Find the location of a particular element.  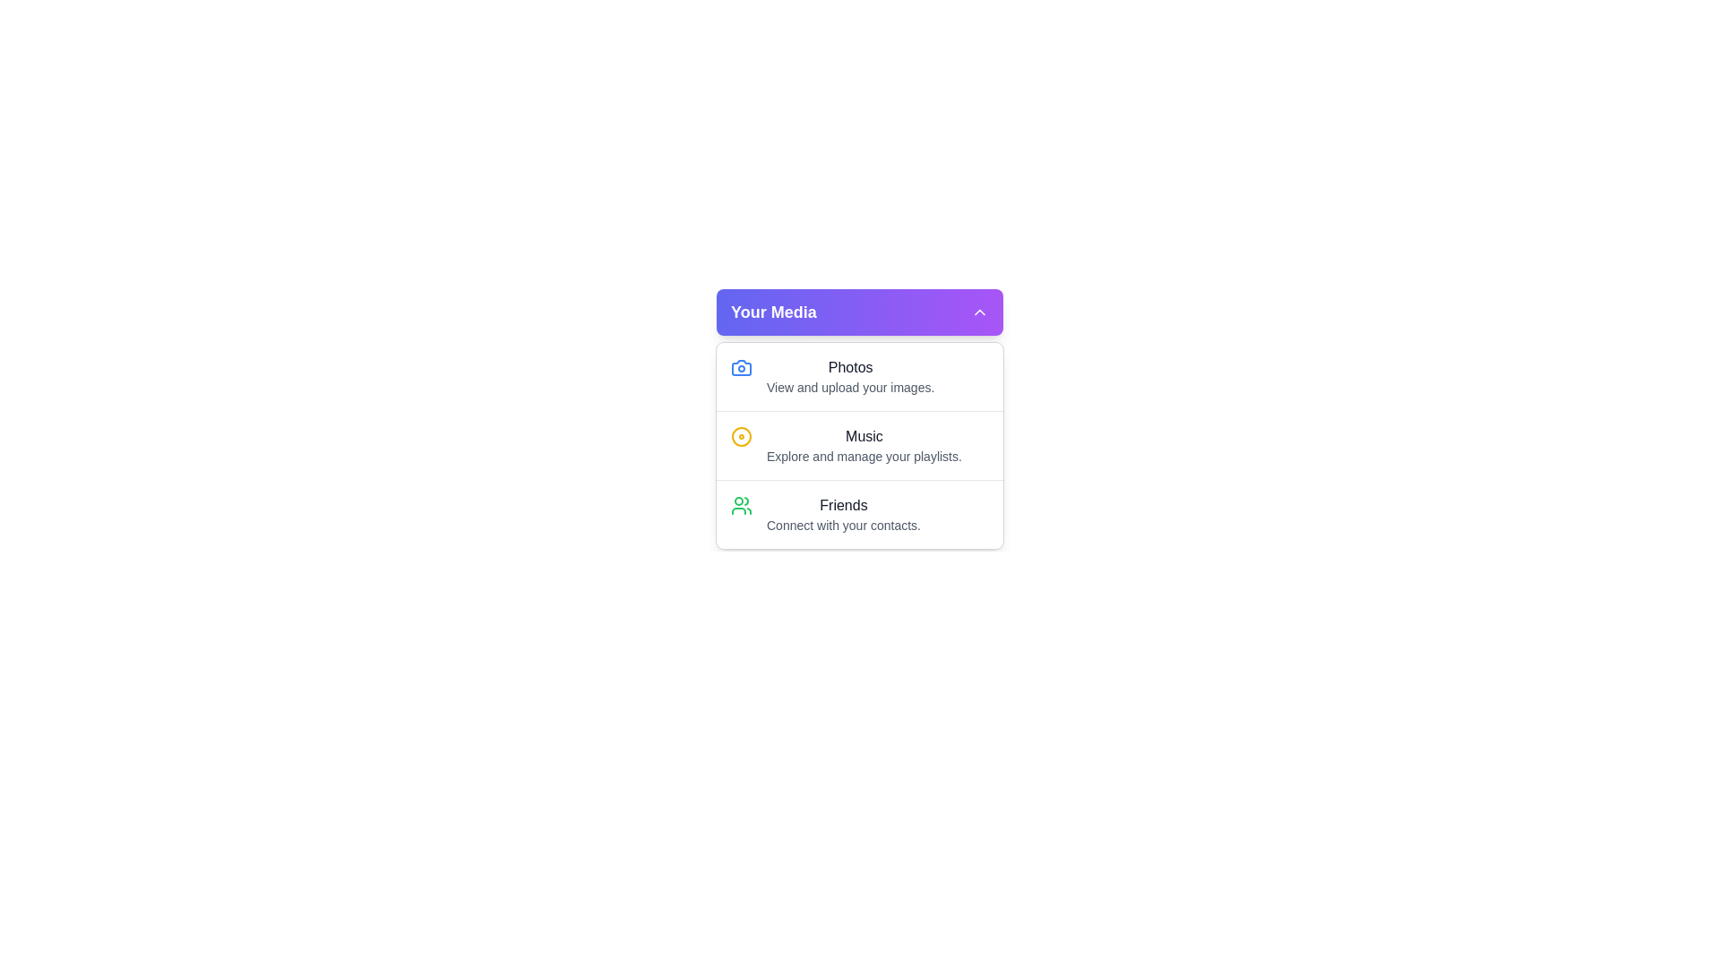

the camera icon, which is styled with a rounded rectangular body and lens details, located to the left of the 'Photos' text label in the 'Your Media' dropdown menu is located at coordinates (742, 367).